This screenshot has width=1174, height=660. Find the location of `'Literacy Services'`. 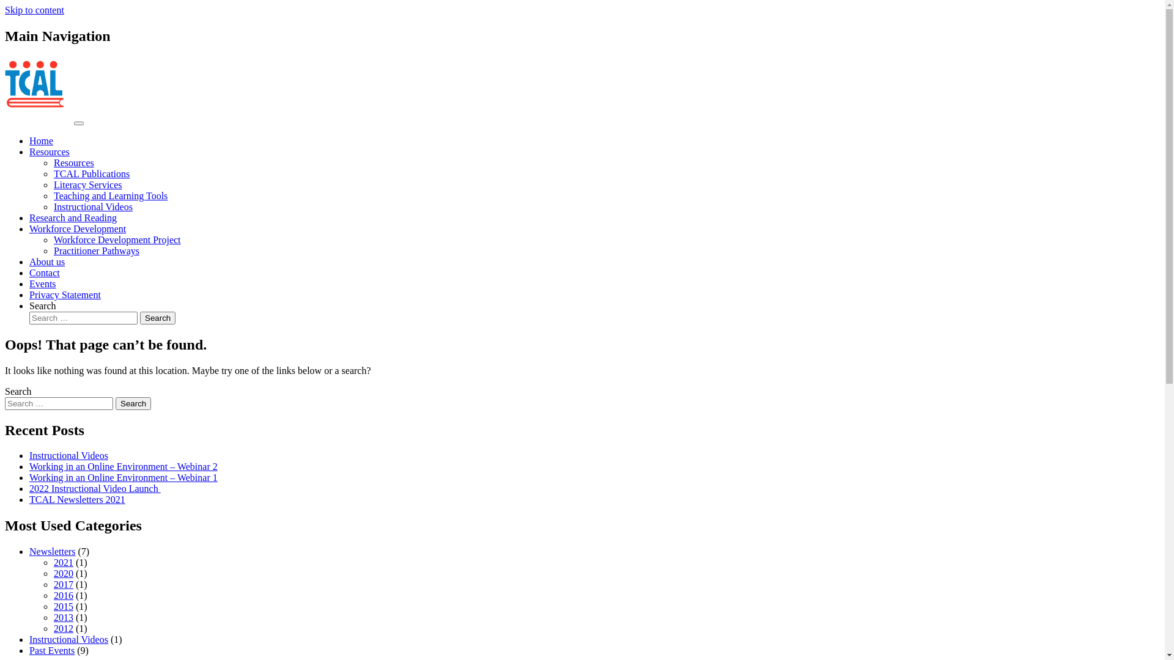

'Literacy Services' is located at coordinates (87, 185).